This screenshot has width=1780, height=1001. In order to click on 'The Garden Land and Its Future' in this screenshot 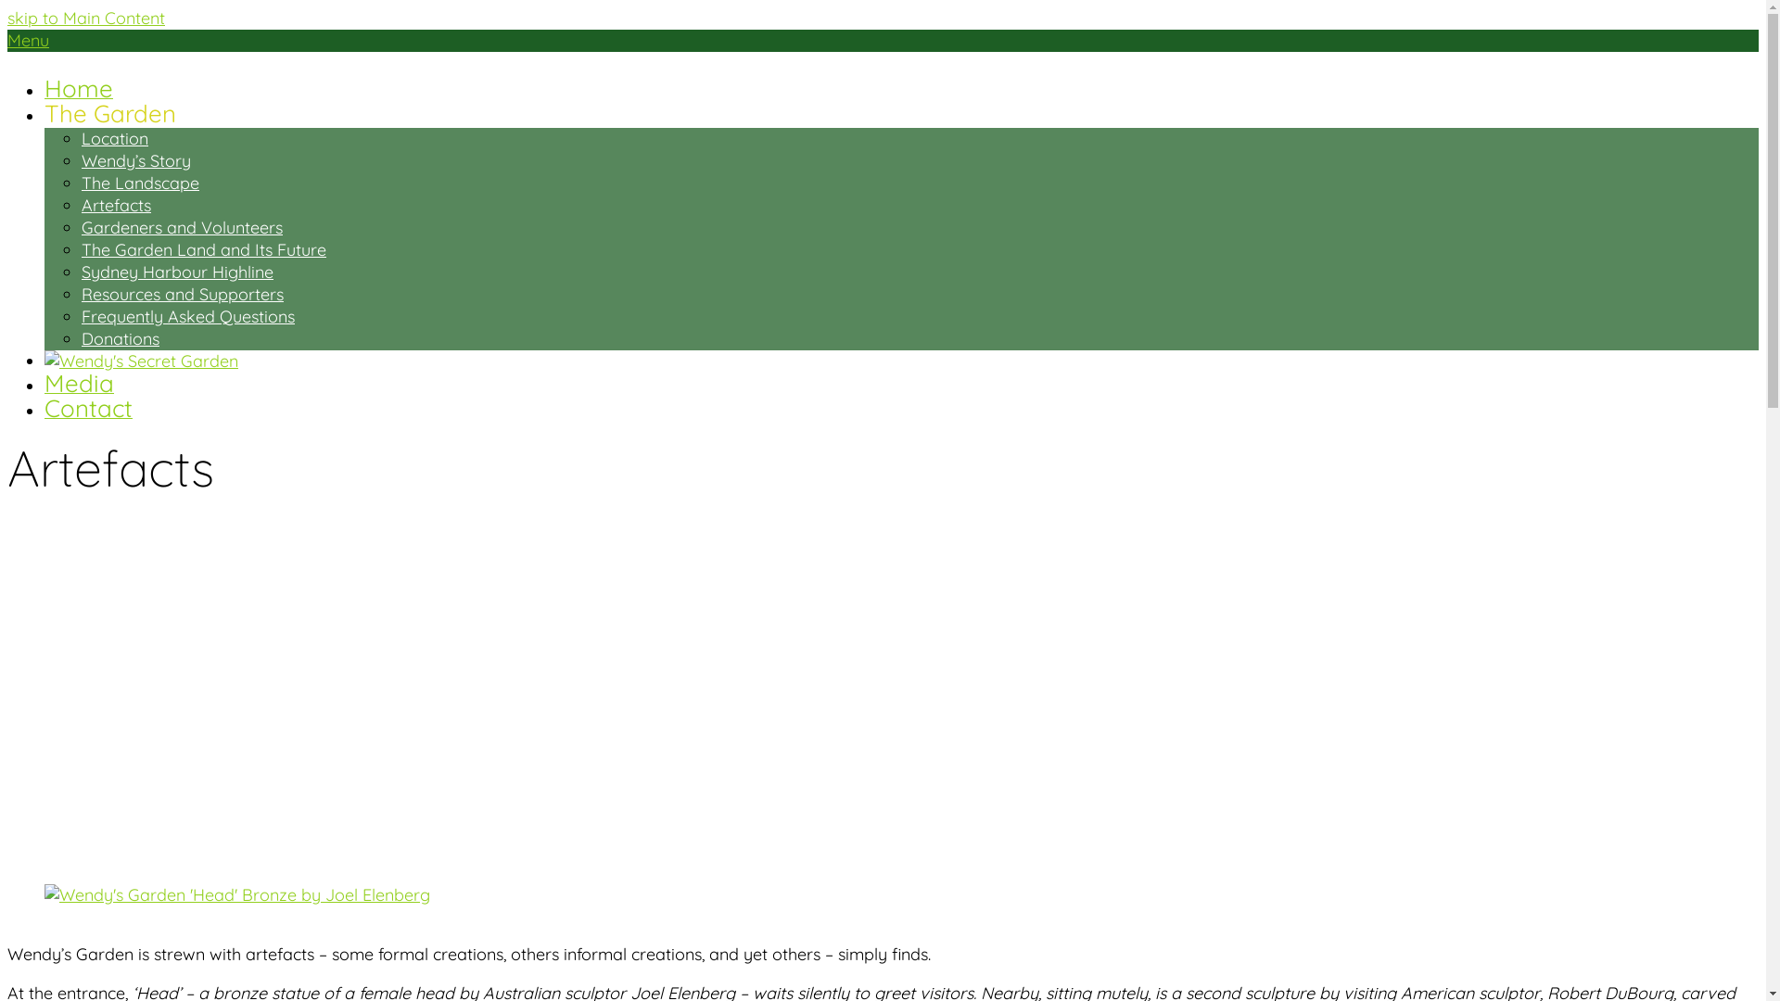, I will do `click(204, 248)`.